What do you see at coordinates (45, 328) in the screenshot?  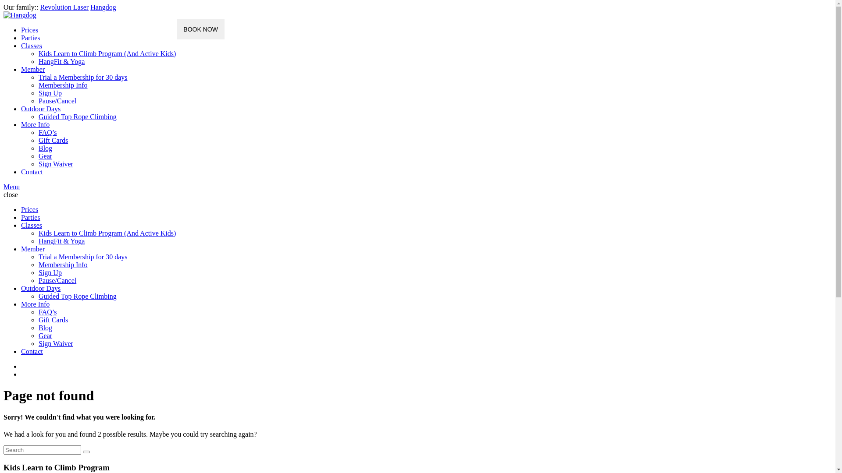 I see `'Blog'` at bounding box center [45, 328].